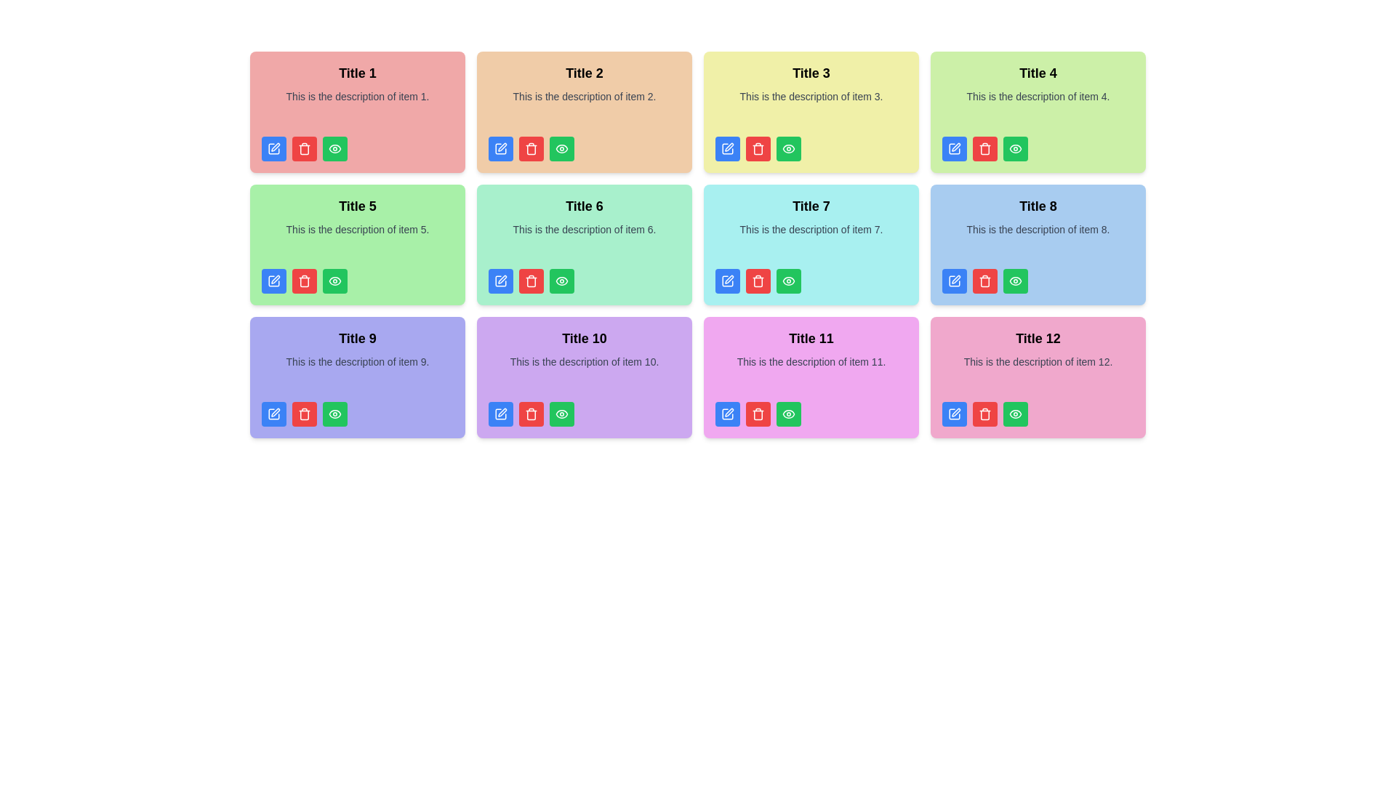  I want to click on the green view button located under the section labeled 'Title 10', so click(561, 414).